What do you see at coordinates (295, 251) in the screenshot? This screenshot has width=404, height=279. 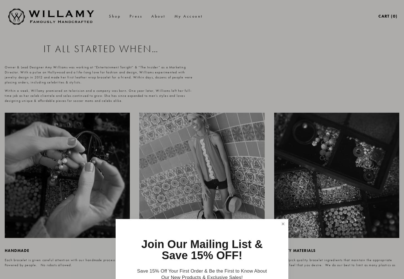 I see `'quality materials'` at bounding box center [295, 251].